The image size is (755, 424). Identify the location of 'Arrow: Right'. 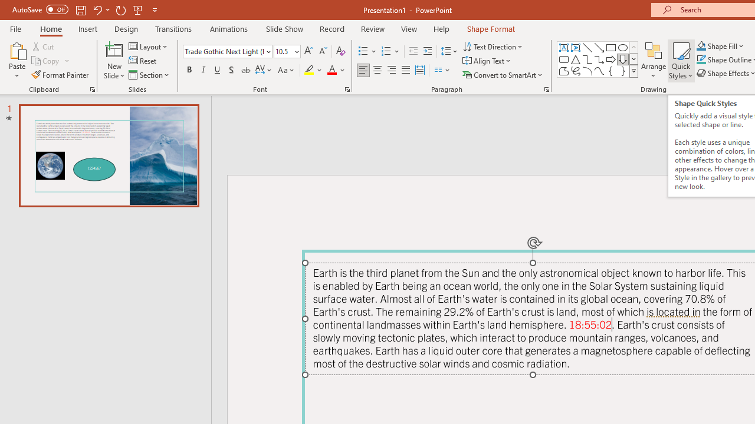
(611, 59).